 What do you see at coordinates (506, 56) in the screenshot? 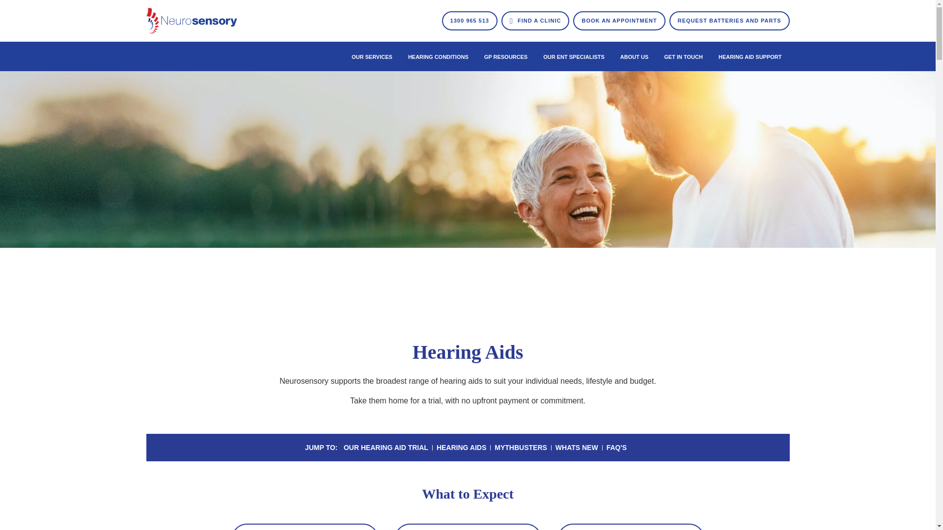
I see `'GP RESOURCES'` at bounding box center [506, 56].